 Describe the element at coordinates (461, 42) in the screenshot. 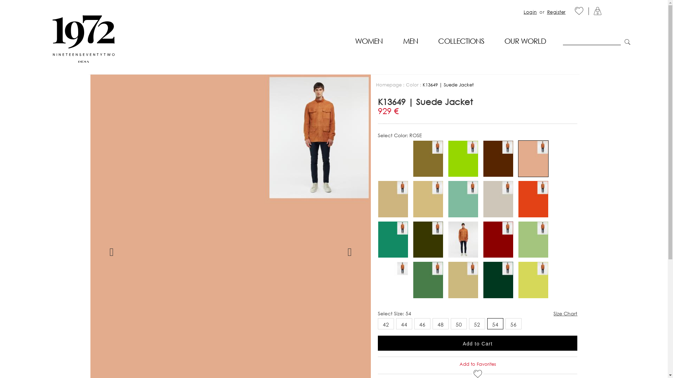

I see `'COLLECTIONS'` at that location.